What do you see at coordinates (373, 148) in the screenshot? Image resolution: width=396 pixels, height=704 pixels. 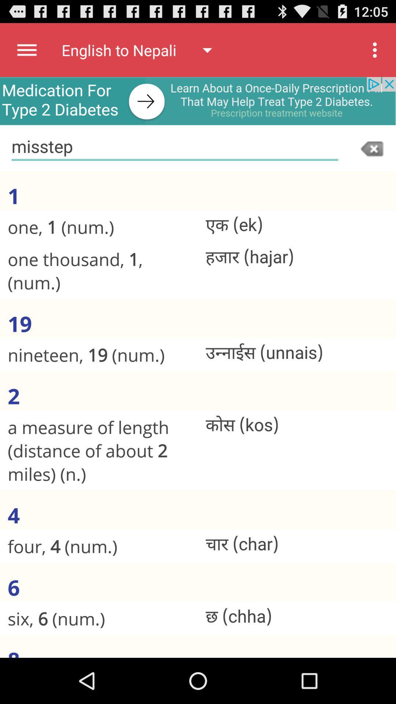 I see `erase typed information` at bounding box center [373, 148].